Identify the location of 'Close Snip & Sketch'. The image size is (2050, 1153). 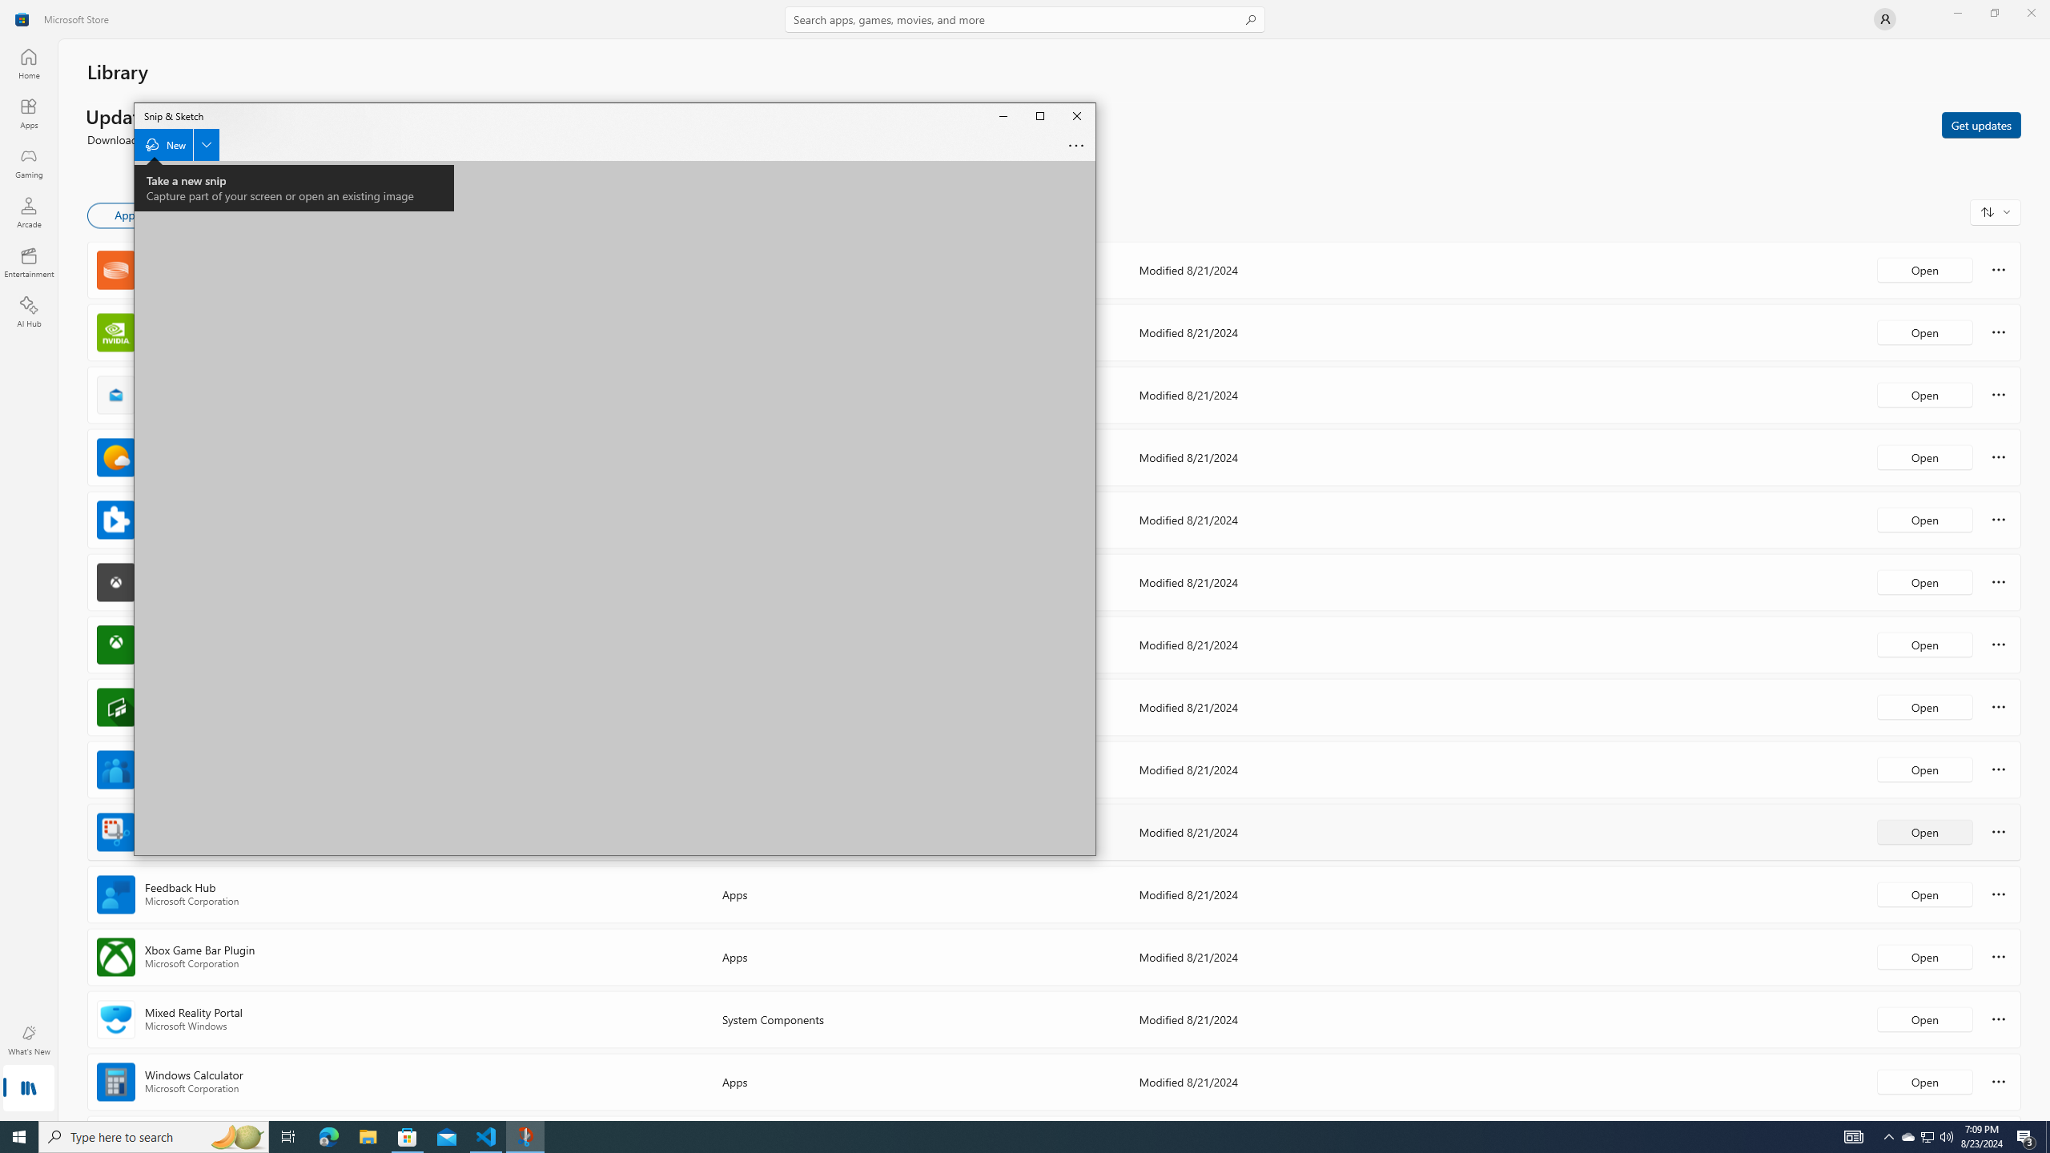
(1076, 116).